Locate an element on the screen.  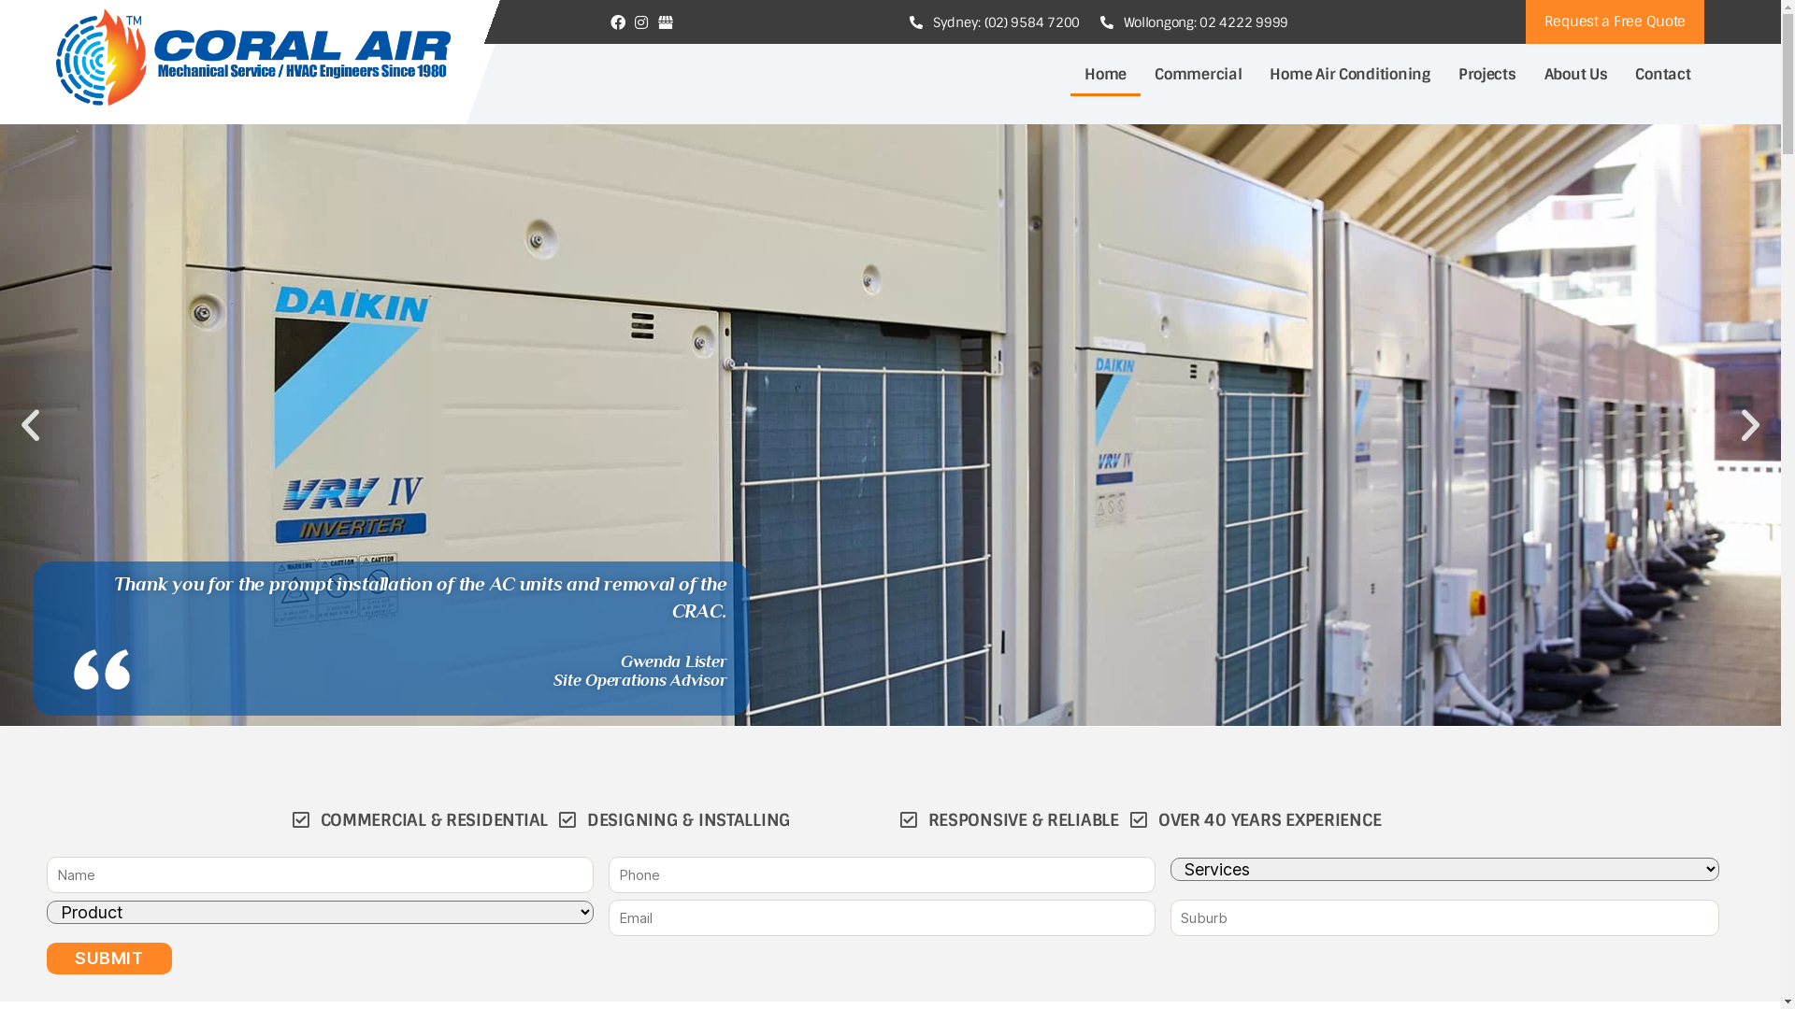
'Submit' is located at coordinates (108, 959).